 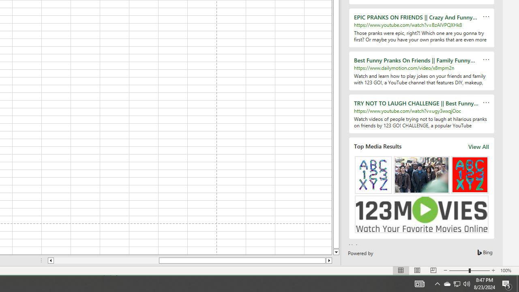 What do you see at coordinates (507, 283) in the screenshot?
I see `'Action Center, 5 new notifications'` at bounding box center [507, 283].